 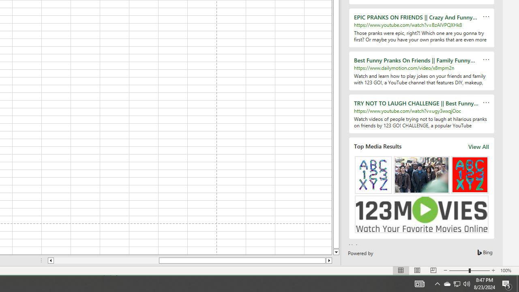 What do you see at coordinates (507, 283) in the screenshot?
I see `'Action Center, 5 new notifications'` at bounding box center [507, 283].